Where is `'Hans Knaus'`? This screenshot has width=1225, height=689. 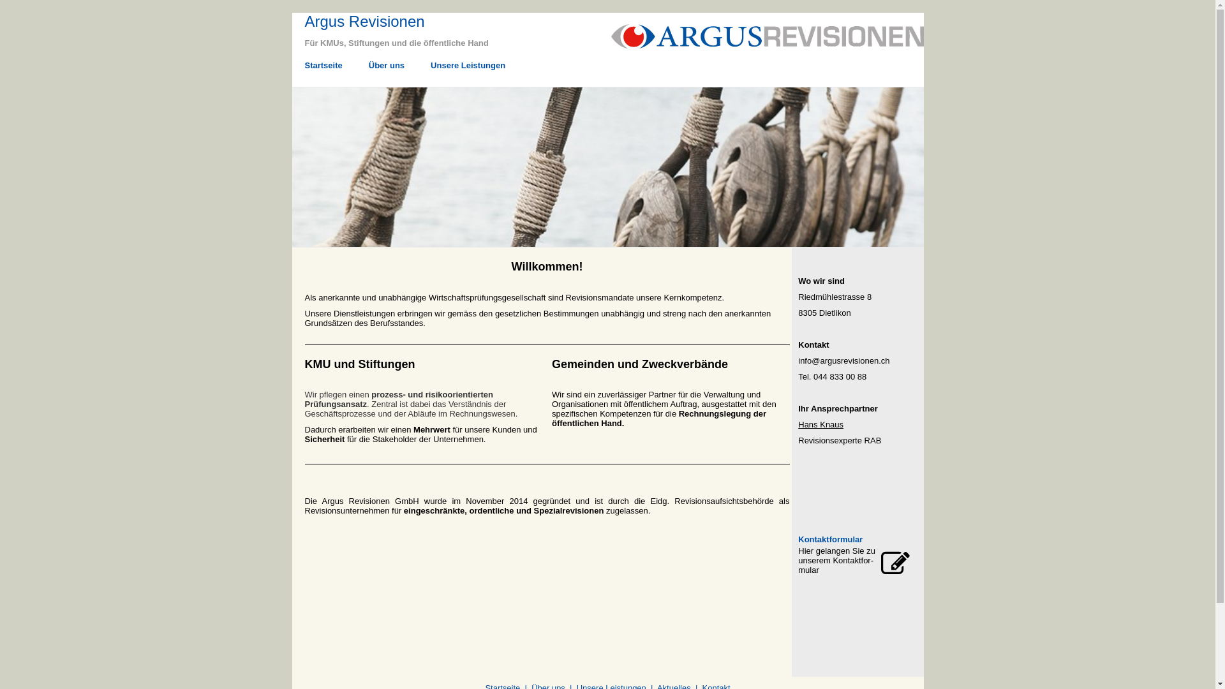
'Hans Knaus' is located at coordinates (820, 424).